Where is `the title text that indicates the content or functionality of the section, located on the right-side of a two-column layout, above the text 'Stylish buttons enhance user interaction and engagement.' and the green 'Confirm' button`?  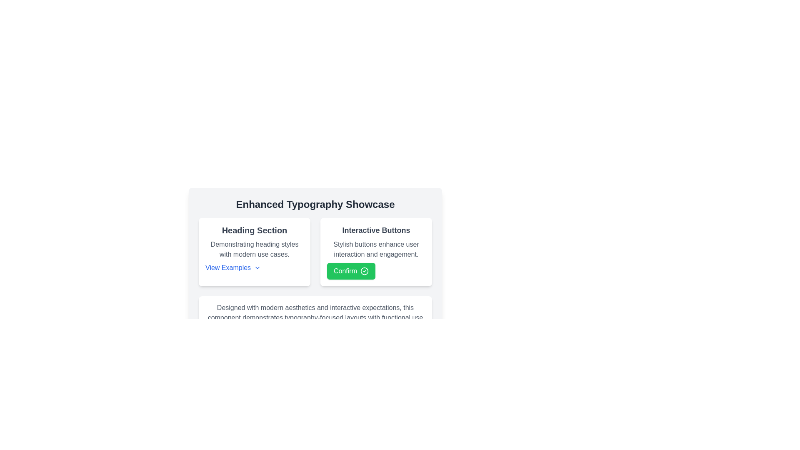 the title text that indicates the content or functionality of the section, located on the right-side of a two-column layout, above the text 'Stylish buttons enhance user interaction and engagement.' and the green 'Confirm' button is located at coordinates (375, 230).